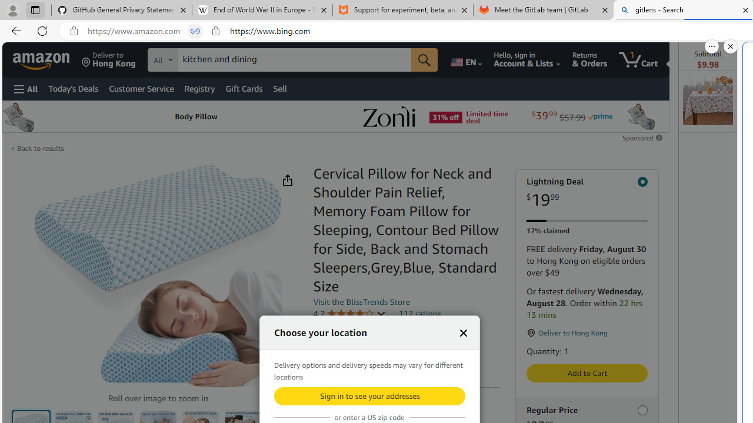 Image resolution: width=753 pixels, height=423 pixels. Describe the element at coordinates (424, 59) in the screenshot. I see `'Go'` at that location.